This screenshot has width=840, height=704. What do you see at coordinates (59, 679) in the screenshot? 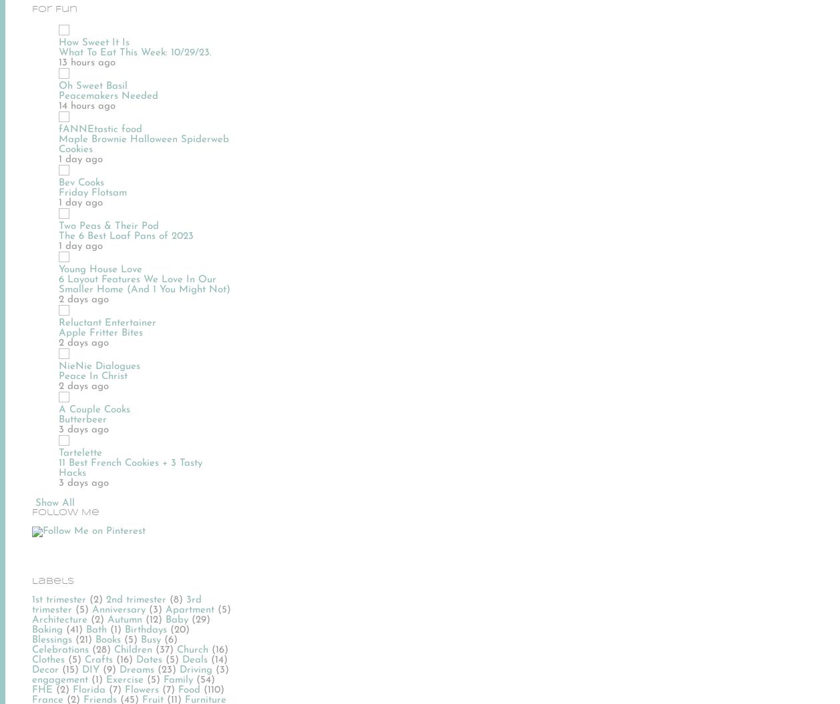
I see `'engagement'` at bounding box center [59, 679].